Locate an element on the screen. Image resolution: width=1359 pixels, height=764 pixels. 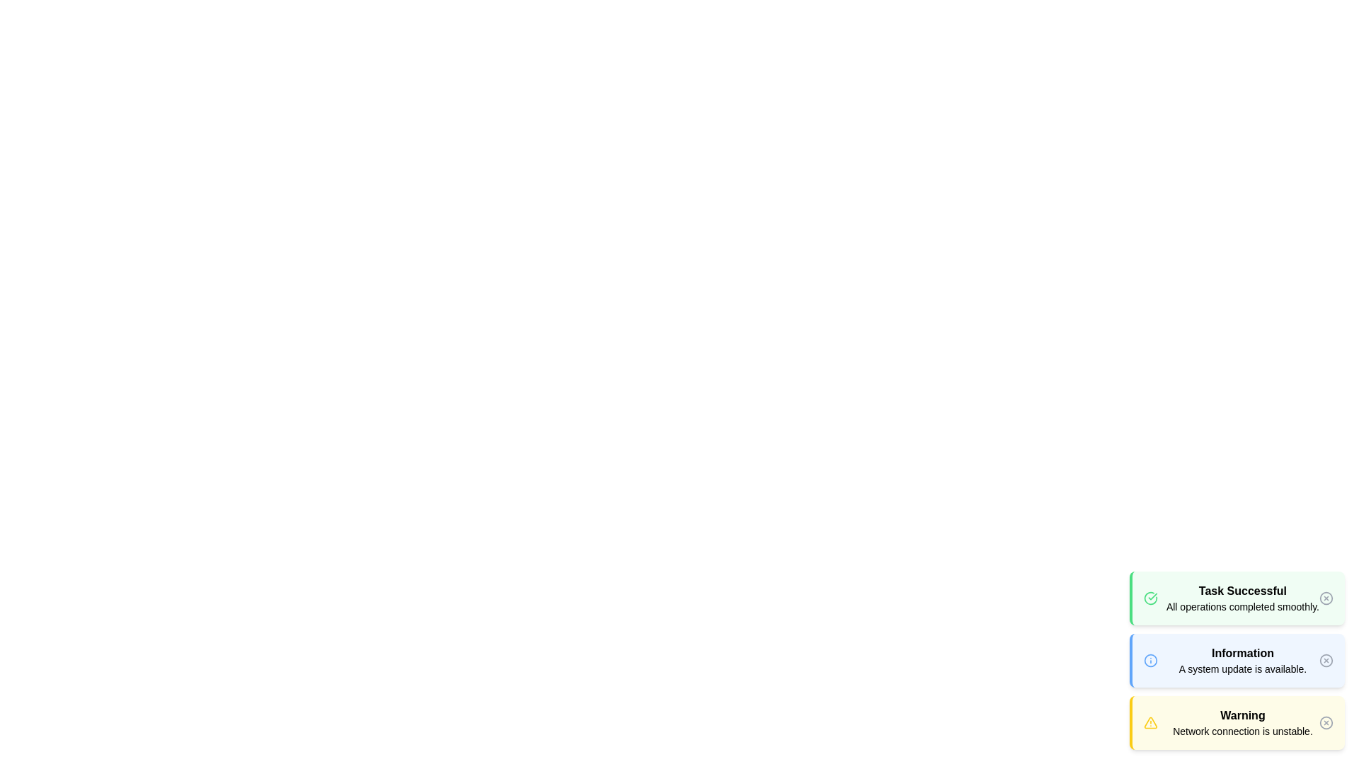
the alert with the type warning is located at coordinates (1236, 723).